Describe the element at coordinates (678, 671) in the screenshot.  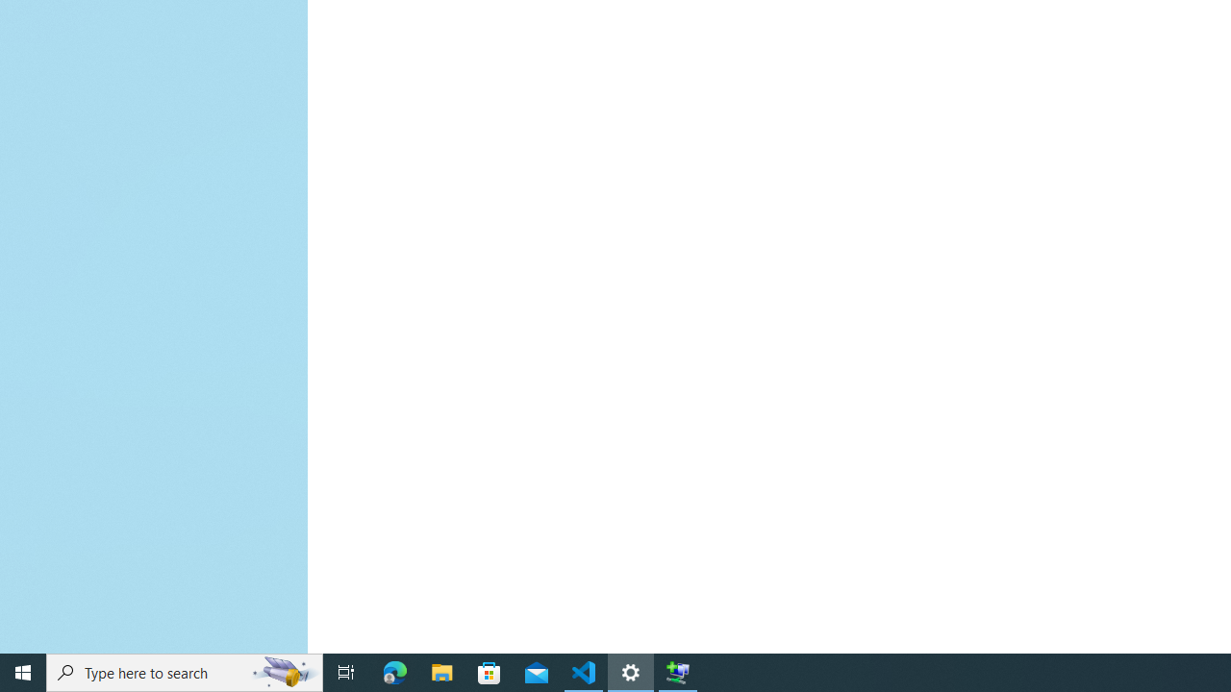
I see `'Extensible Wizards Host Process - 1 running window'` at that location.